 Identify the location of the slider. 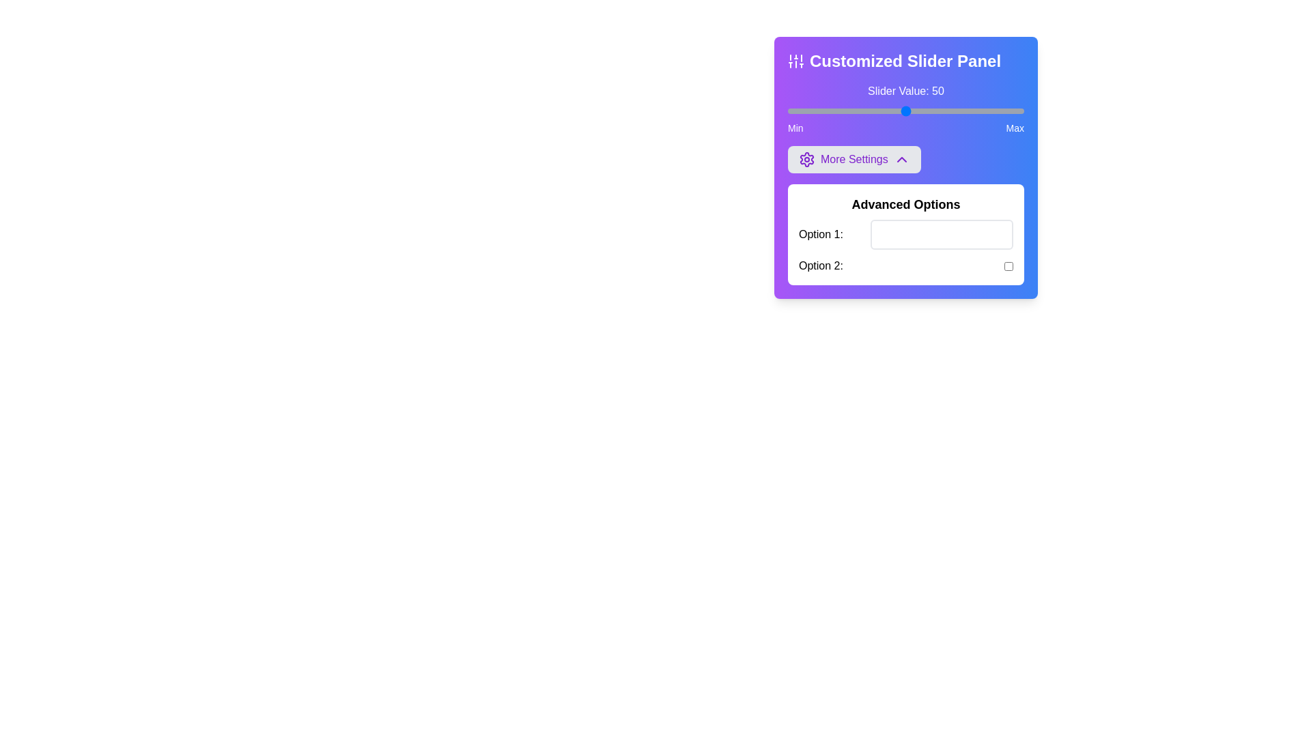
(908, 110).